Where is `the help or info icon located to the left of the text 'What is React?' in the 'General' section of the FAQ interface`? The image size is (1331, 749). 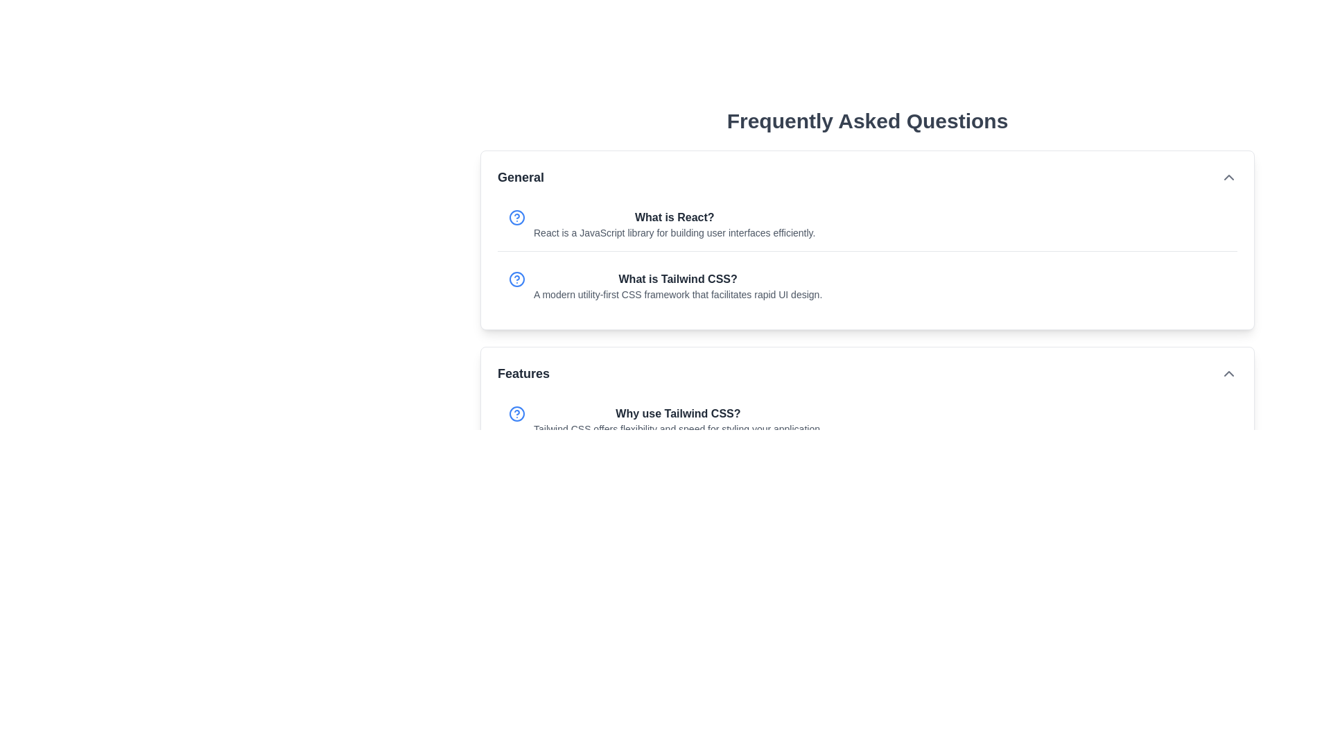 the help or info icon located to the left of the text 'What is React?' in the 'General' section of the FAQ interface is located at coordinates (516, 217).